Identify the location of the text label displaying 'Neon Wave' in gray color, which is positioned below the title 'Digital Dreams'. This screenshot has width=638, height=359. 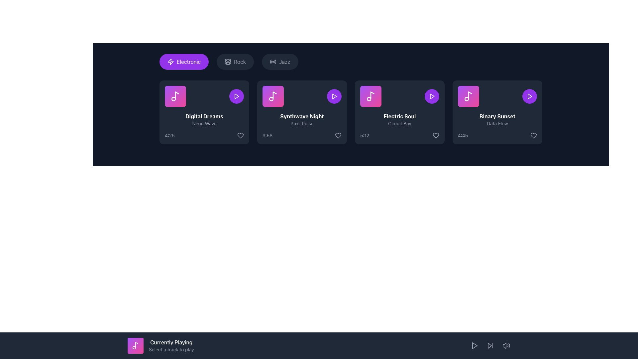
(204, 123).